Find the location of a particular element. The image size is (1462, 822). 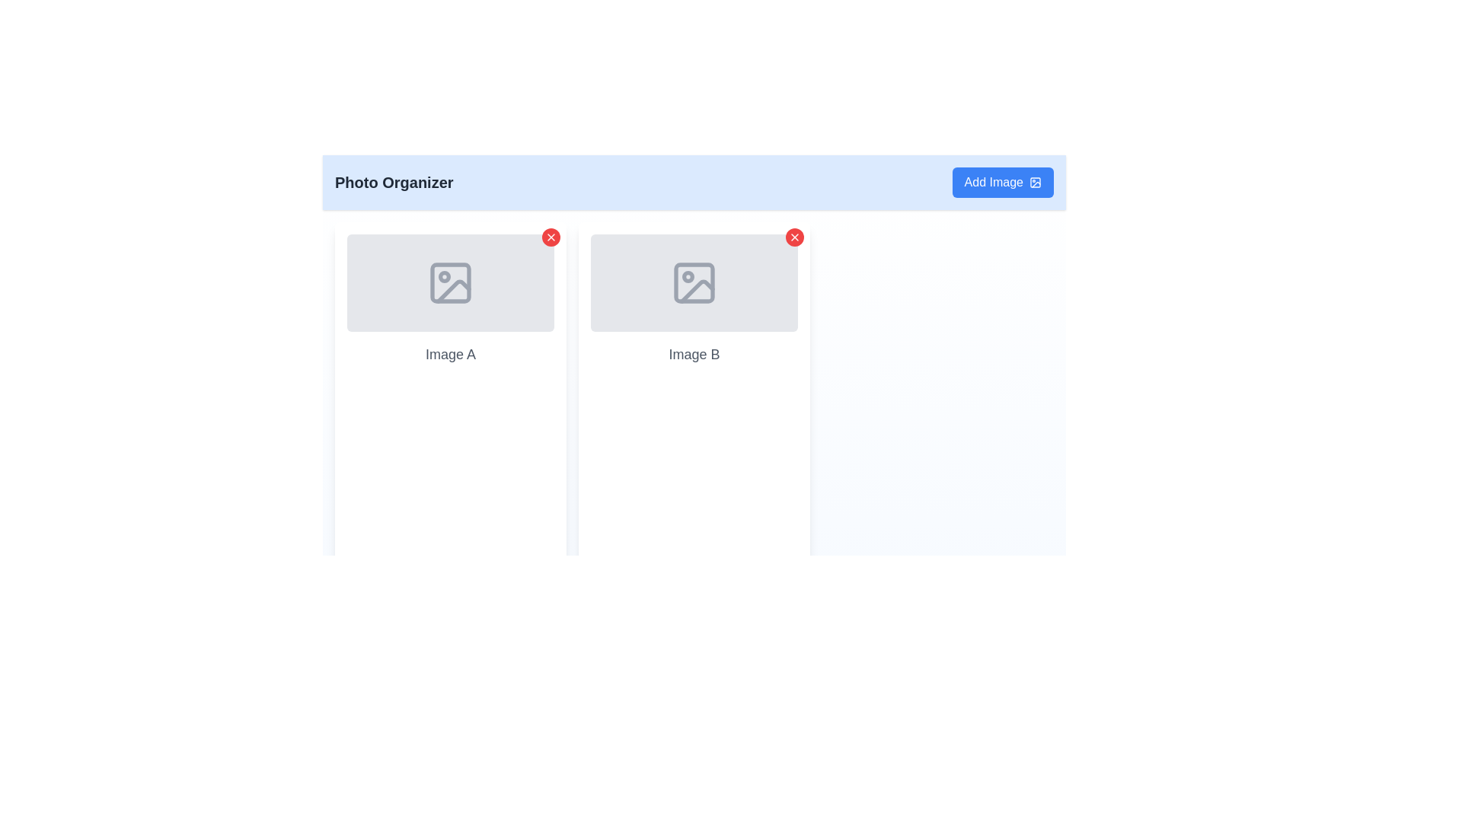

the image placeholder icon located in the second card labeled 'Image B' within a horizontally aligned list of image placeholders is located at coordinates (694, 282).